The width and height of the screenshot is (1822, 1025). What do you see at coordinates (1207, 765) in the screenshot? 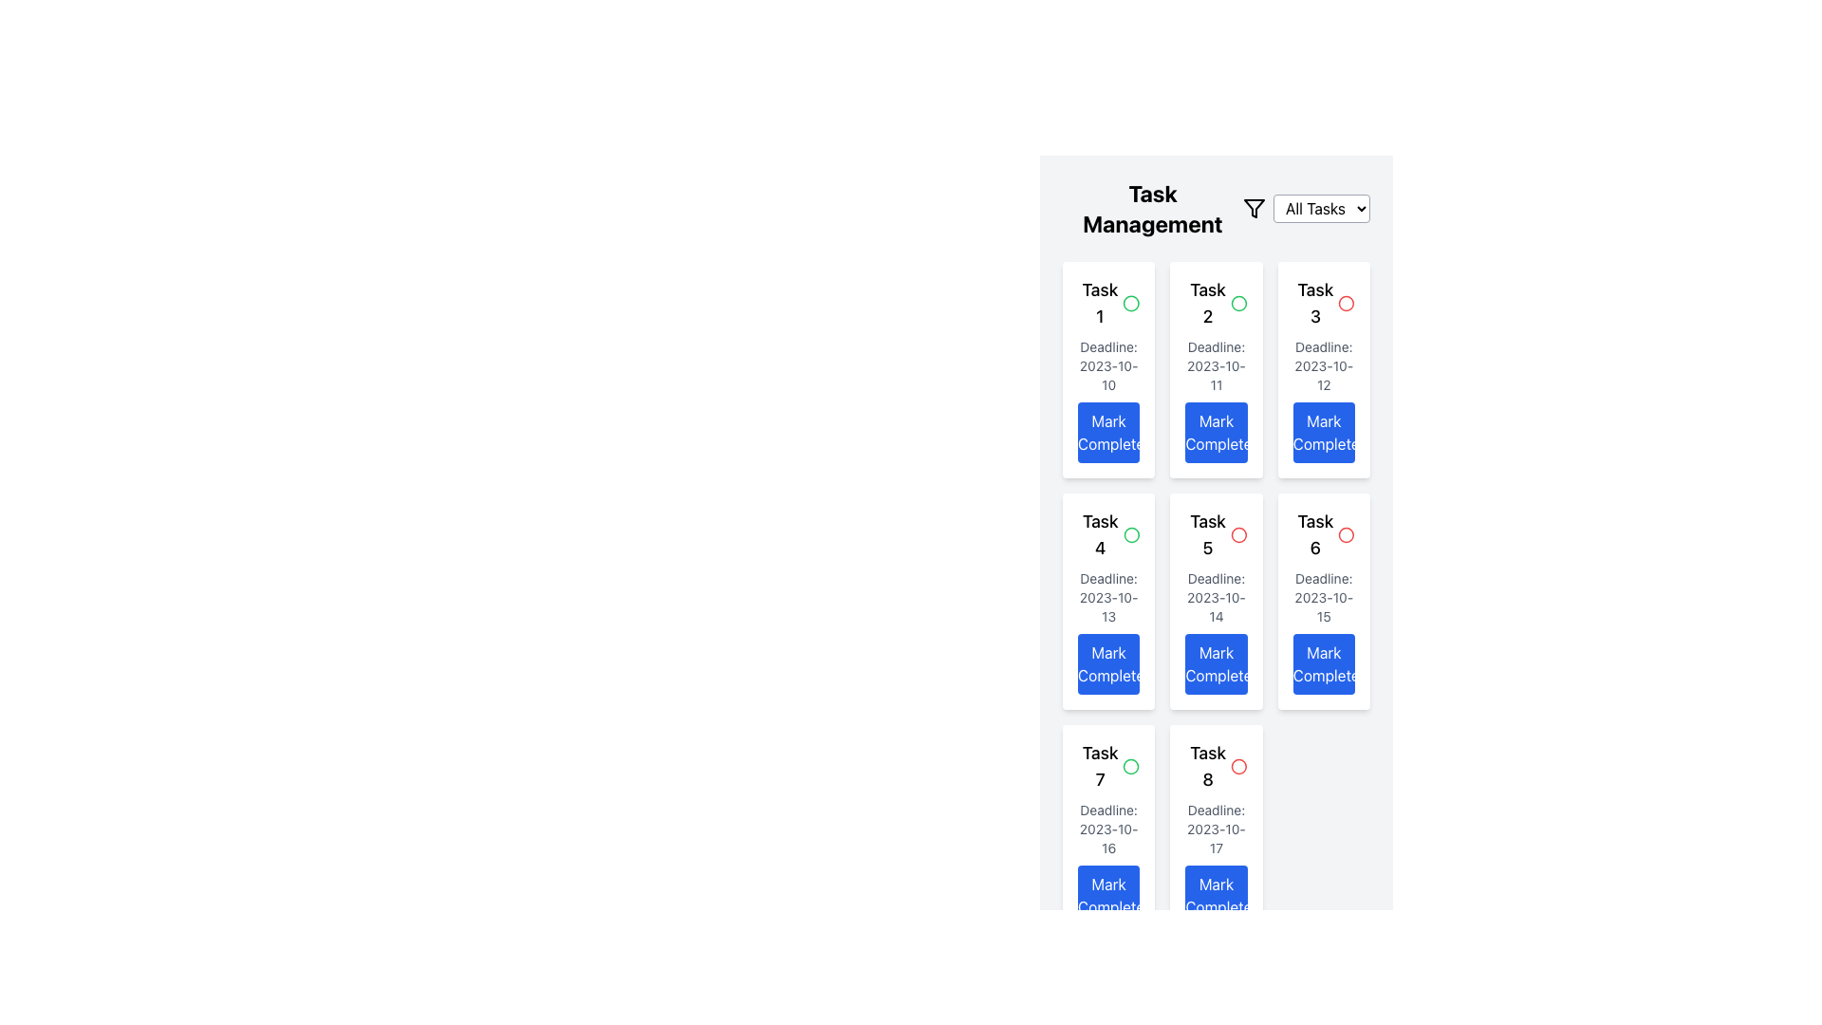
I see `the text label displaying 'Task 8', which is styled as a bold, medium-sized heading located in the bottom-right cell of a grid under 'Task Management'` at bounding box center [1207, 765].